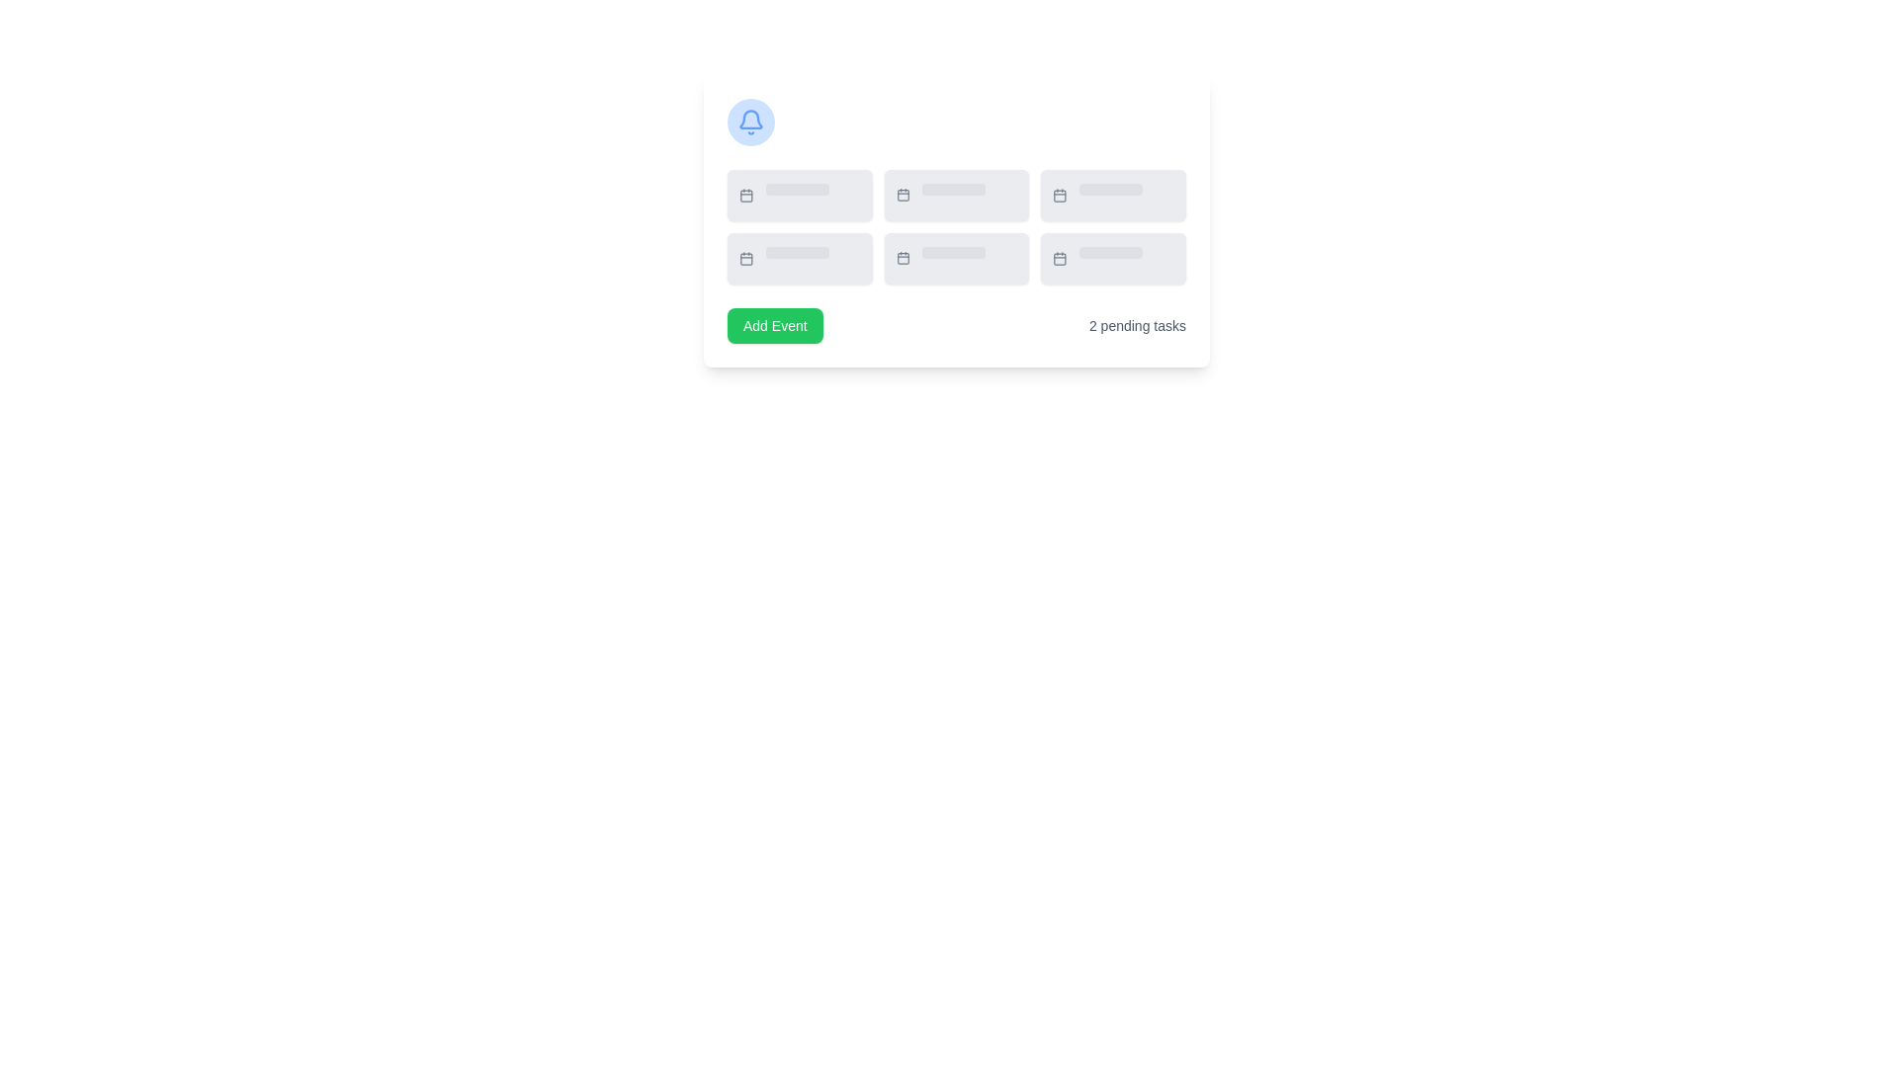  I want to click on the green rectangular button labeled 'Add Event' to initiate the process of adding an event, so click(774, 325).